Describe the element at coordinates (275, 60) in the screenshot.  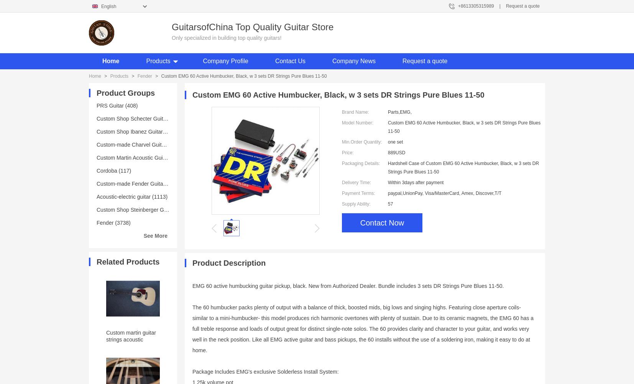
I see `'Contact Us'` at that location.